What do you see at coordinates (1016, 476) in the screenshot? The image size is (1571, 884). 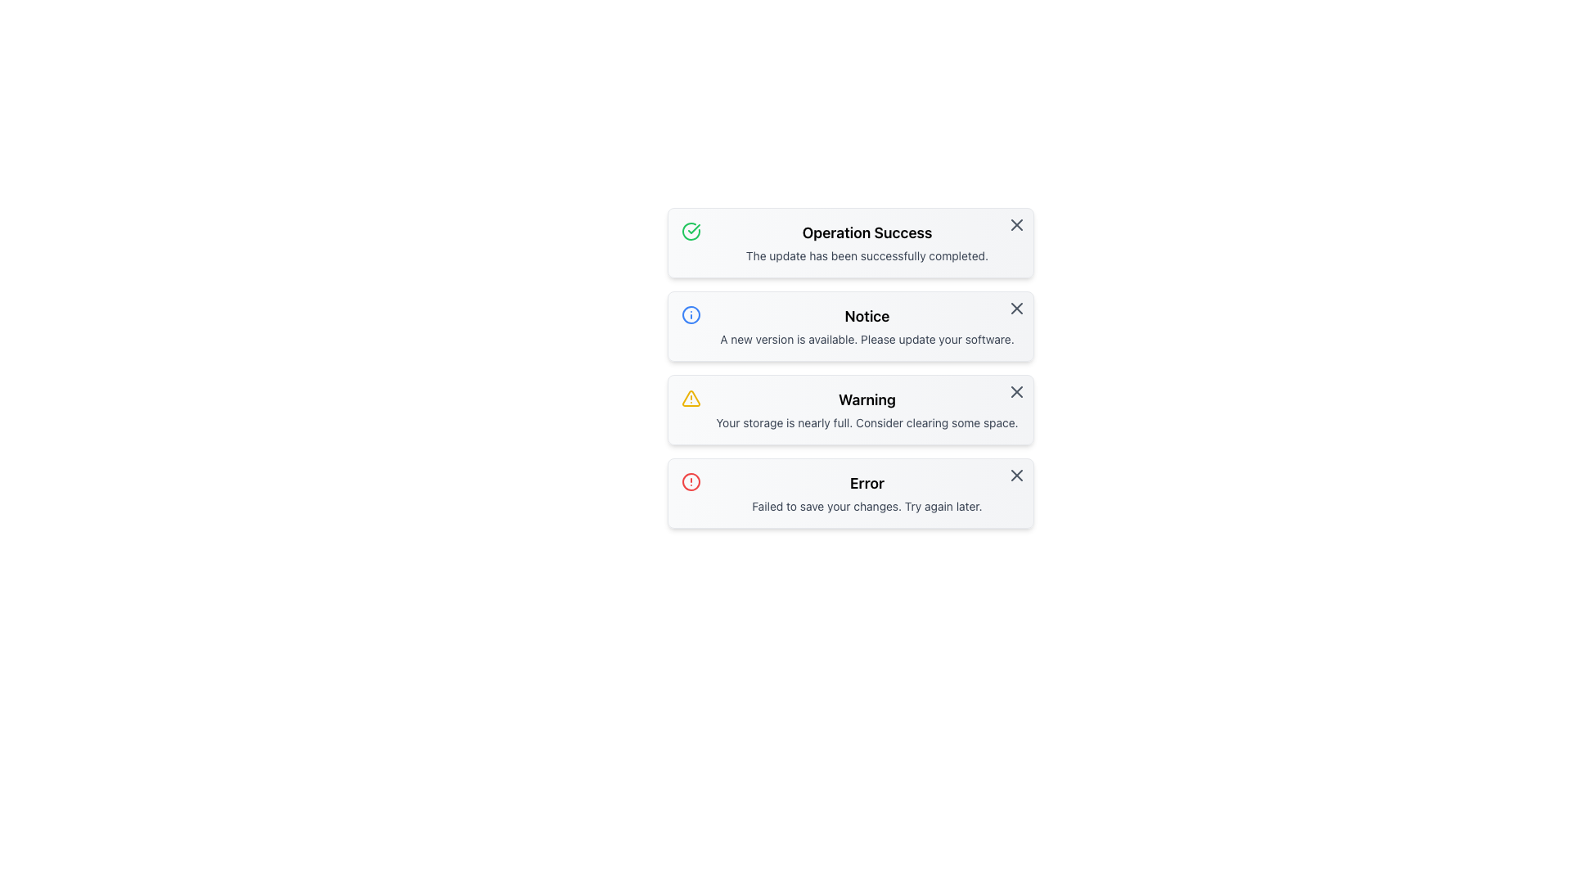 I see `the central diagonal line of the close icon within the 'Error' notification card located in the top-right corner of the card` at bounding box center [1016, 476].